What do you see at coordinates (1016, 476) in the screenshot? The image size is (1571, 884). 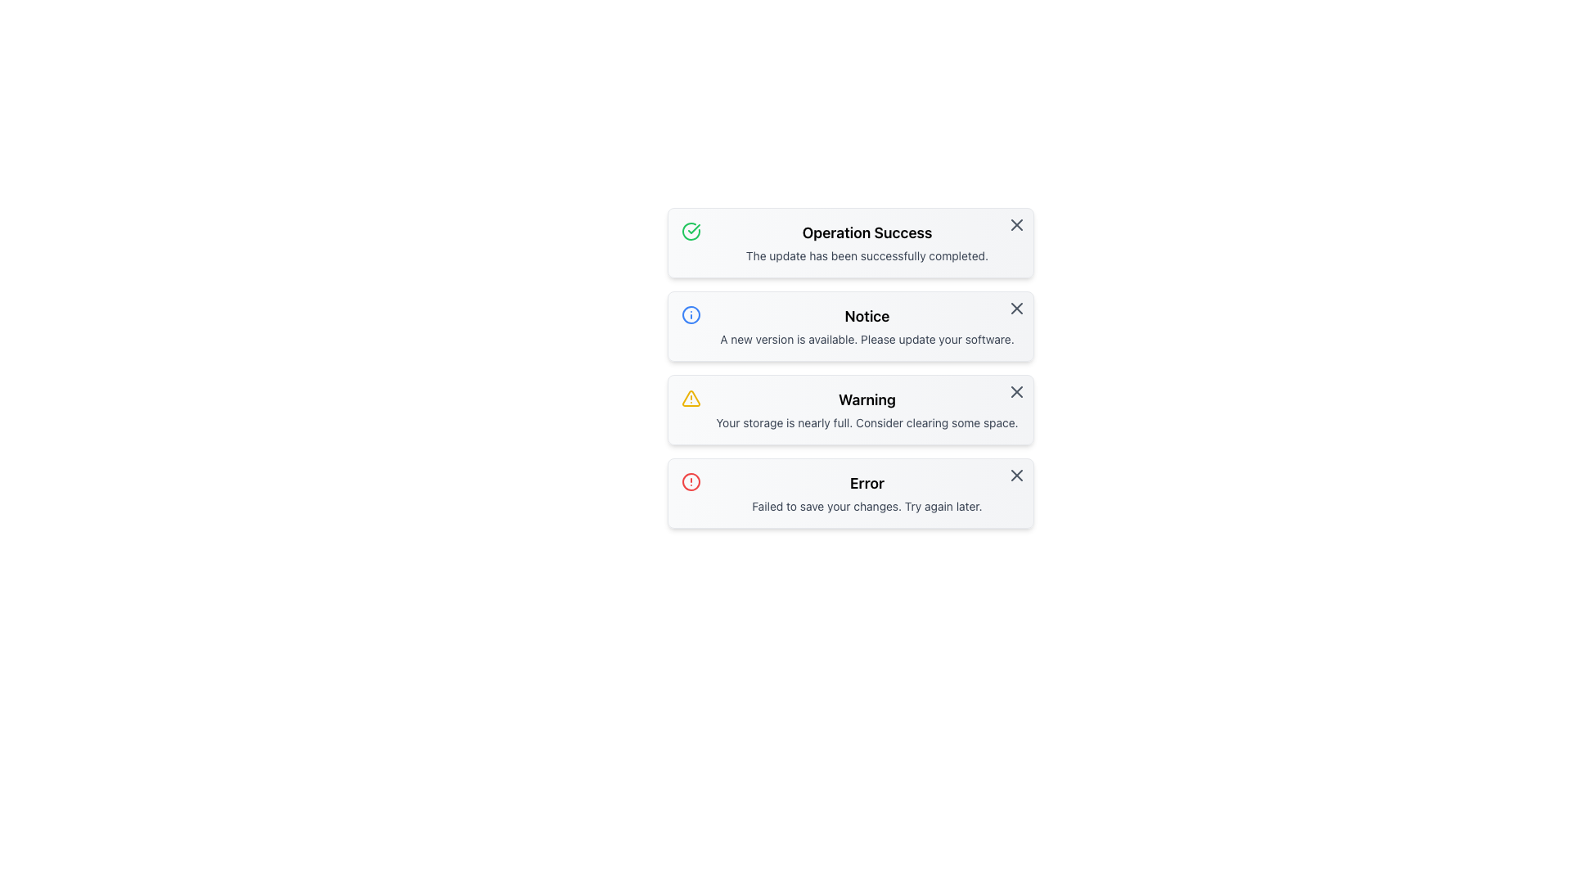 I see `the central diagonal line of the close icon within the 'Error' notification card located in the top-right corner of the card` at bounding box center [1016, 476].